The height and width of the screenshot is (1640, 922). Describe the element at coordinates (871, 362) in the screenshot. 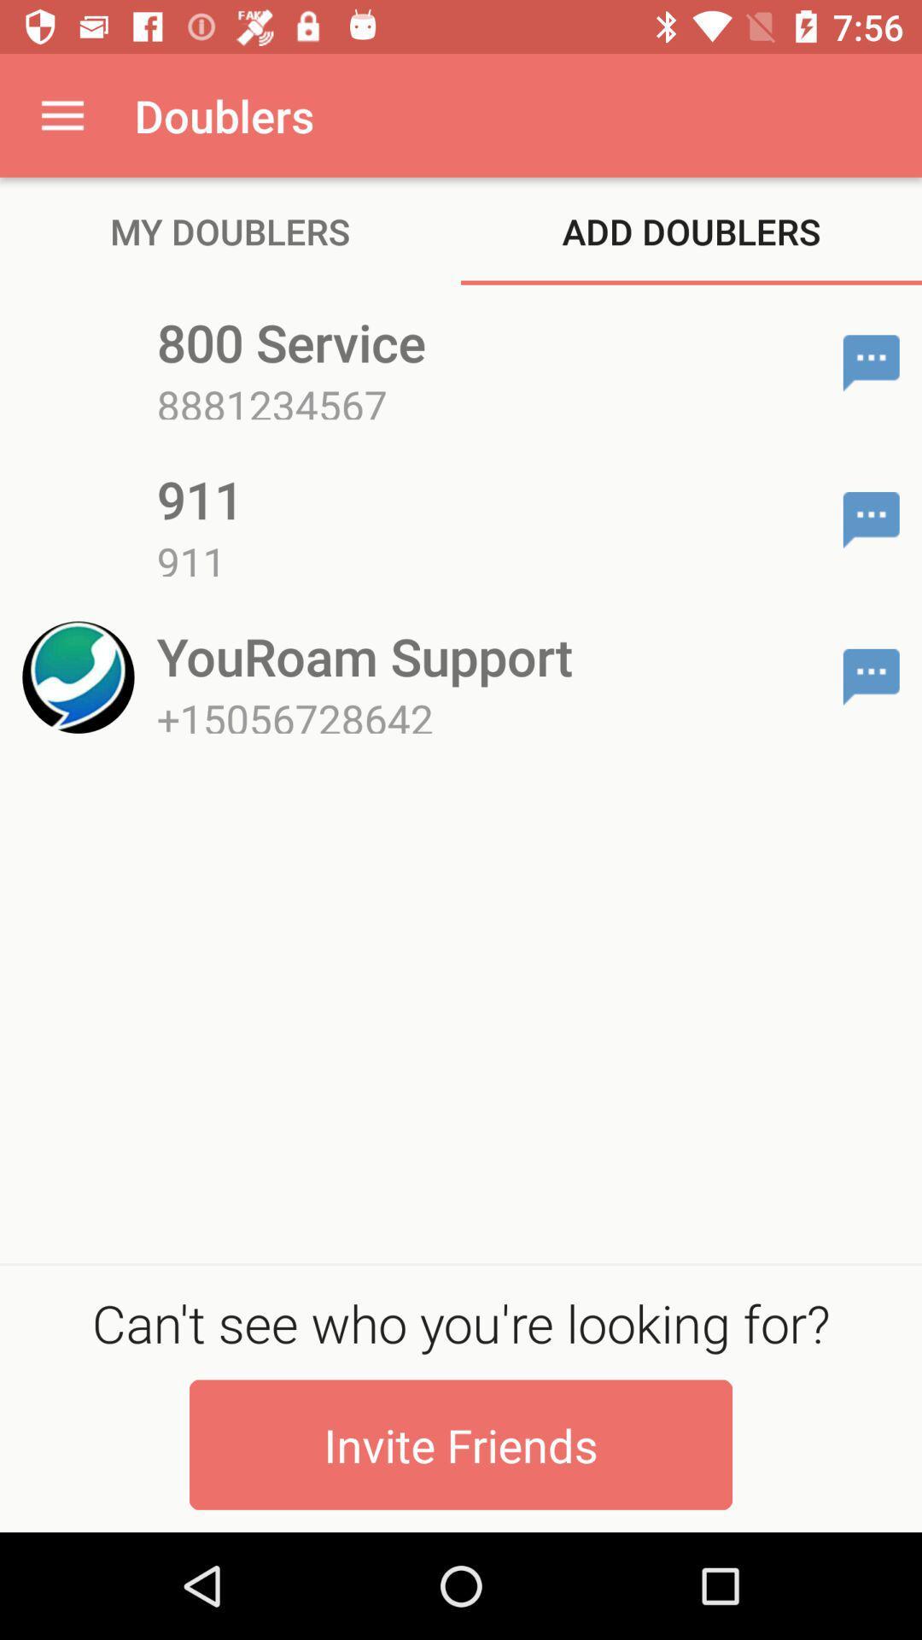

I see `send text message to 800 service` at that location.